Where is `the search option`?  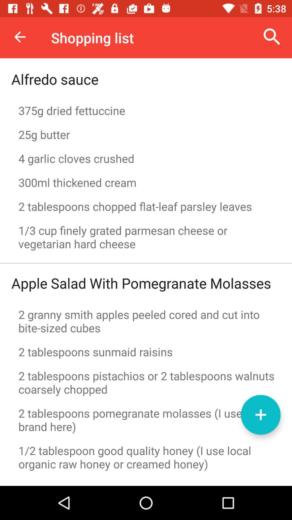
the search option is located at coordinates (272, 37).